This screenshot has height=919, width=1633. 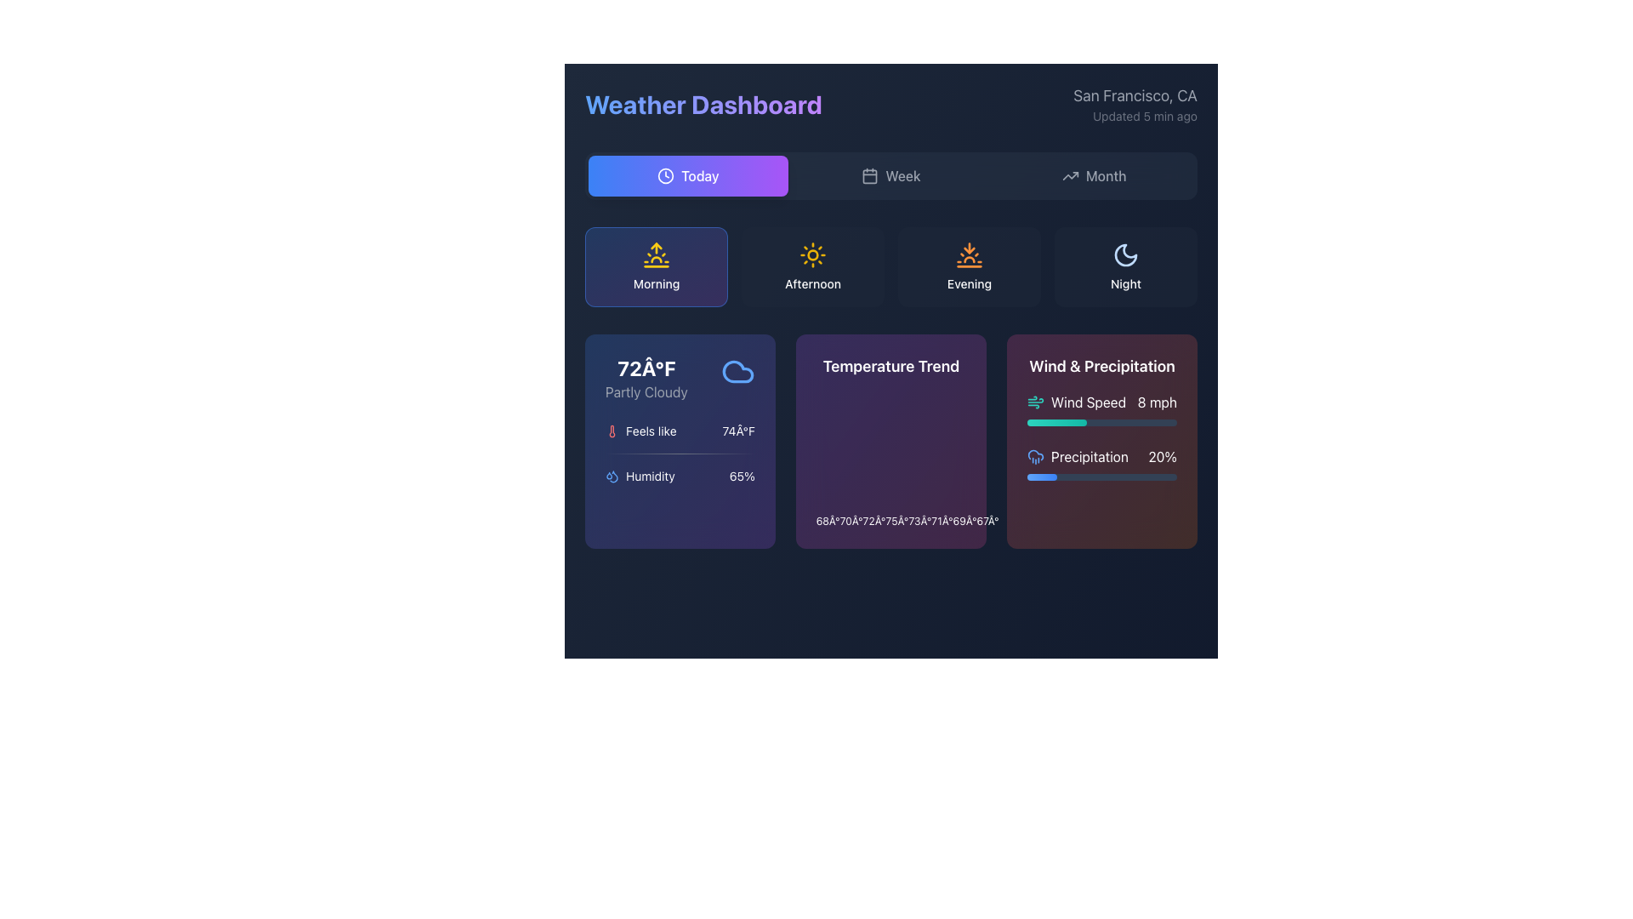 What do you see at coordinates (649, 476) in the screenshot?
I see `the 'Humidity' text label located in the bottom-left section of the weather information card, following the droplets icon` at bounding box center [649, 476].